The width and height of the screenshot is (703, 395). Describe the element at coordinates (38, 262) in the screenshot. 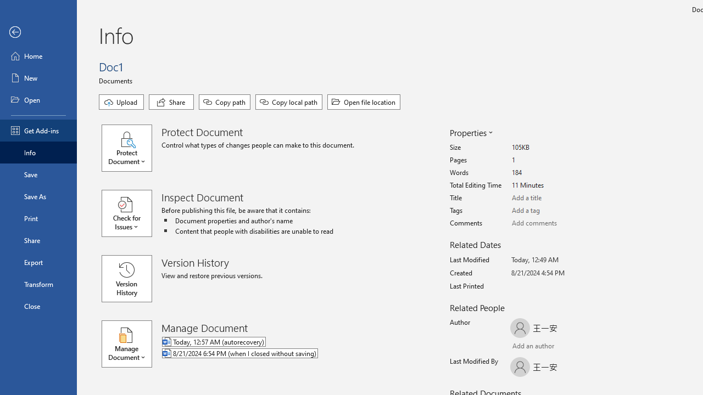

I see `'Export'` at that location.